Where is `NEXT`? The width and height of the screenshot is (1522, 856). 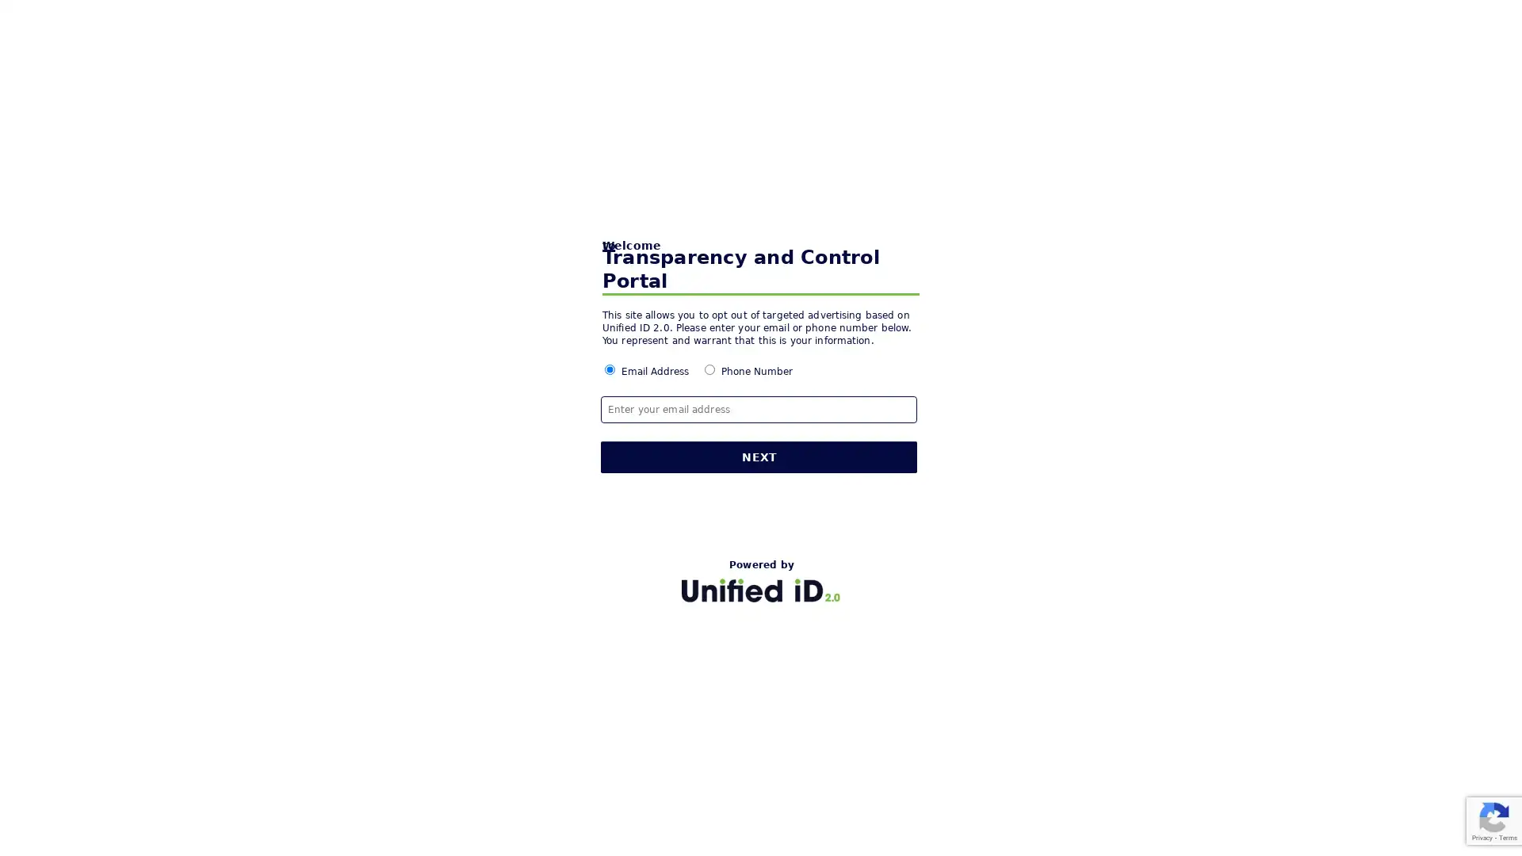 NEXT is located at coordinates (759, 457).